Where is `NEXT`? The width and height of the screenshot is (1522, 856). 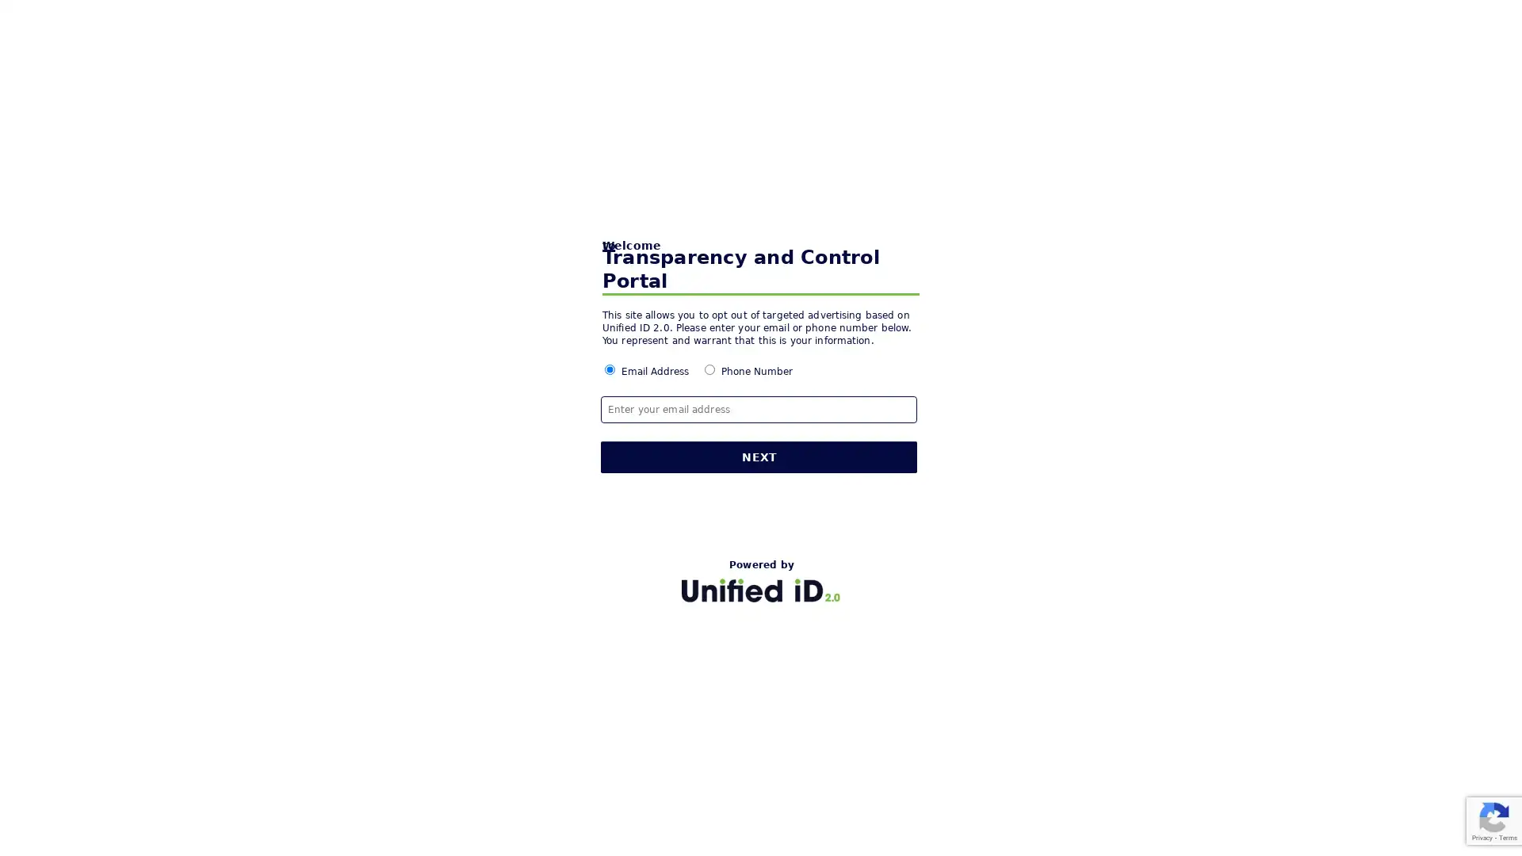 NEXT is located at coordinates (759, 457).